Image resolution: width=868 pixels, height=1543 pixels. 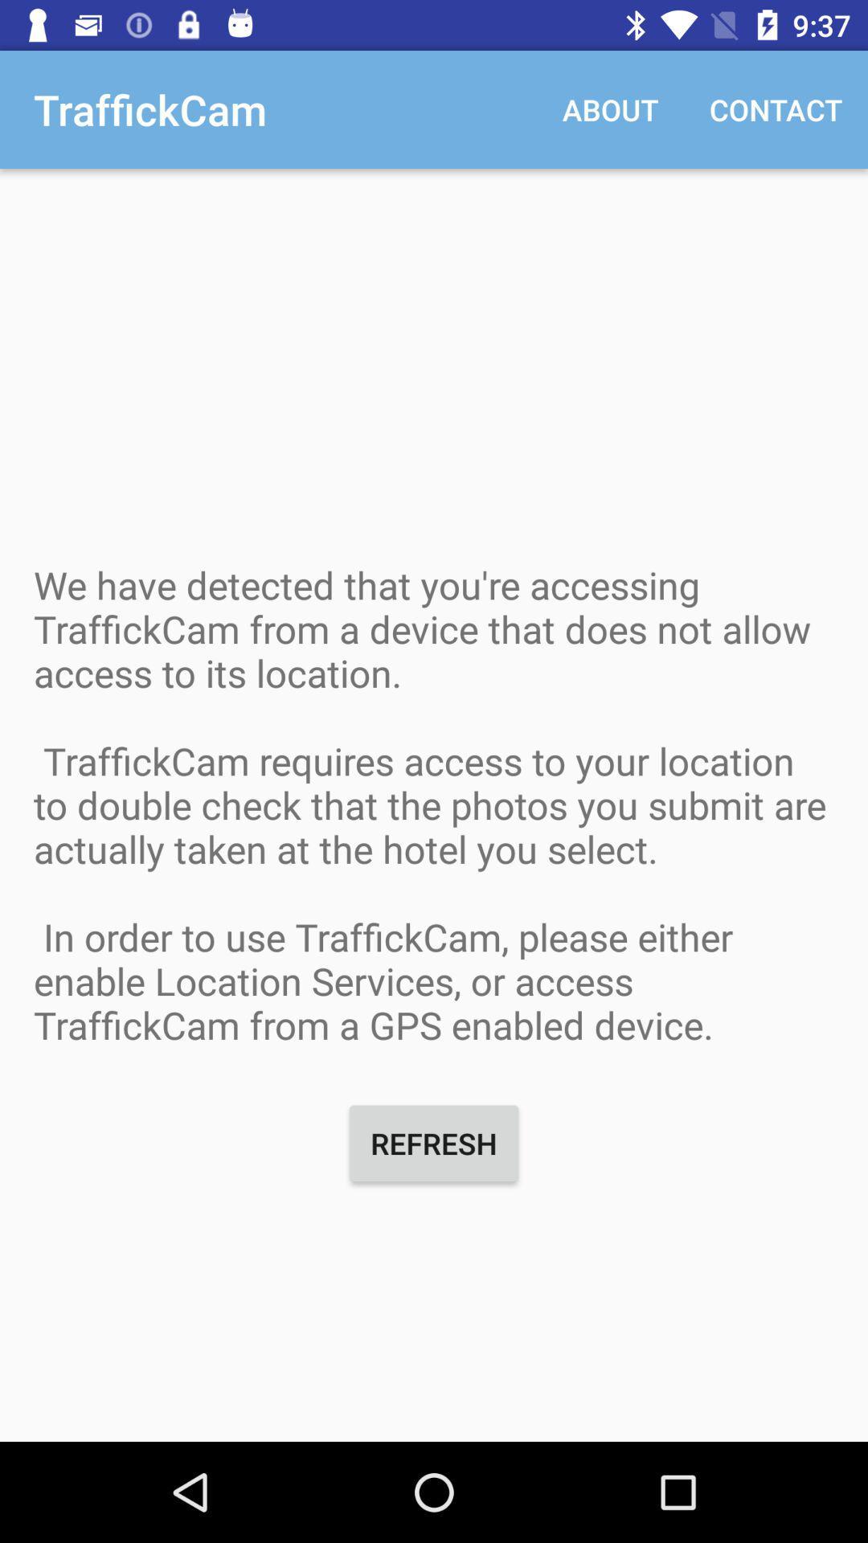 I want to click on item above we have detected, so click(x=775, y=108).